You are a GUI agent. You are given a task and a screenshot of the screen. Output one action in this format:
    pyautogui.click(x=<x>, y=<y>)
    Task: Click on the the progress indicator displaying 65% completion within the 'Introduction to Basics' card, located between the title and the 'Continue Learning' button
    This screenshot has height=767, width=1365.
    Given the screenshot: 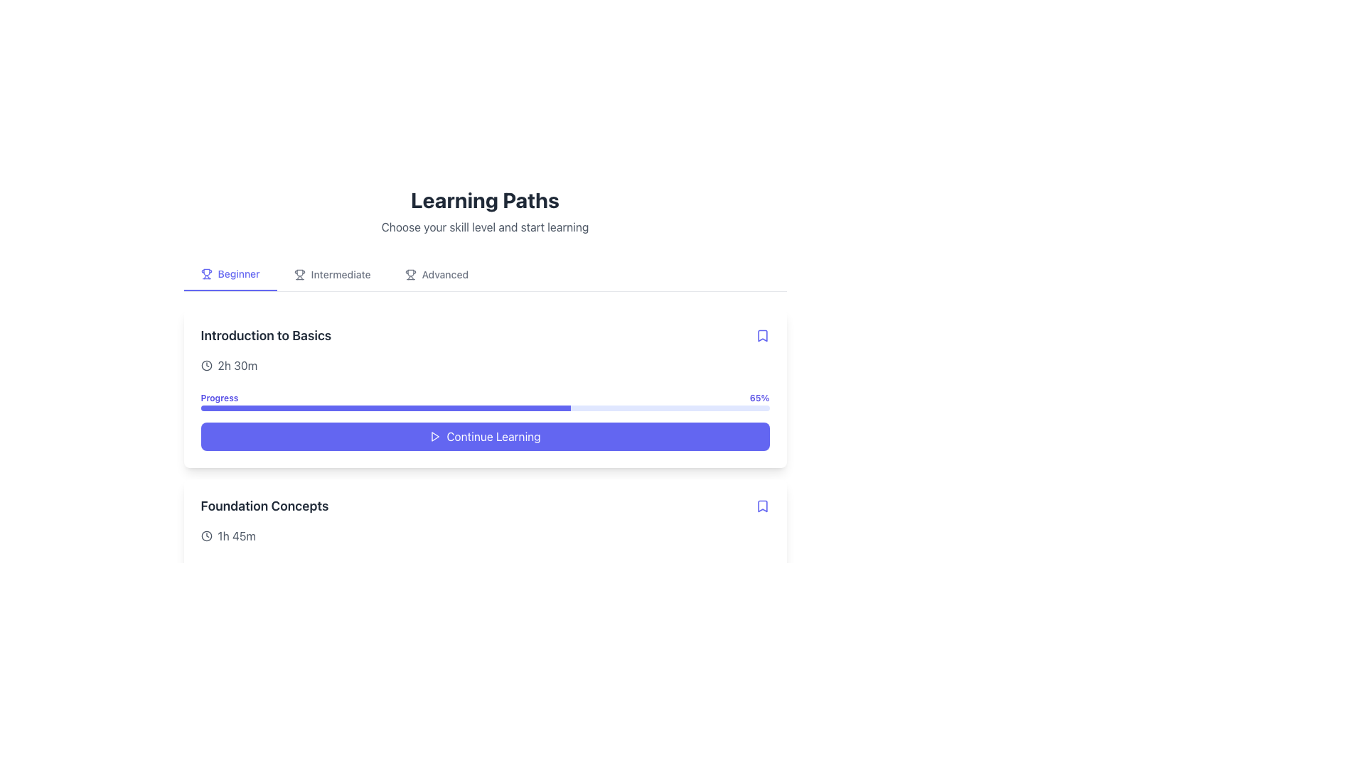 What is the action you would take?
    pyautogui.click(x=485, y=404)
    